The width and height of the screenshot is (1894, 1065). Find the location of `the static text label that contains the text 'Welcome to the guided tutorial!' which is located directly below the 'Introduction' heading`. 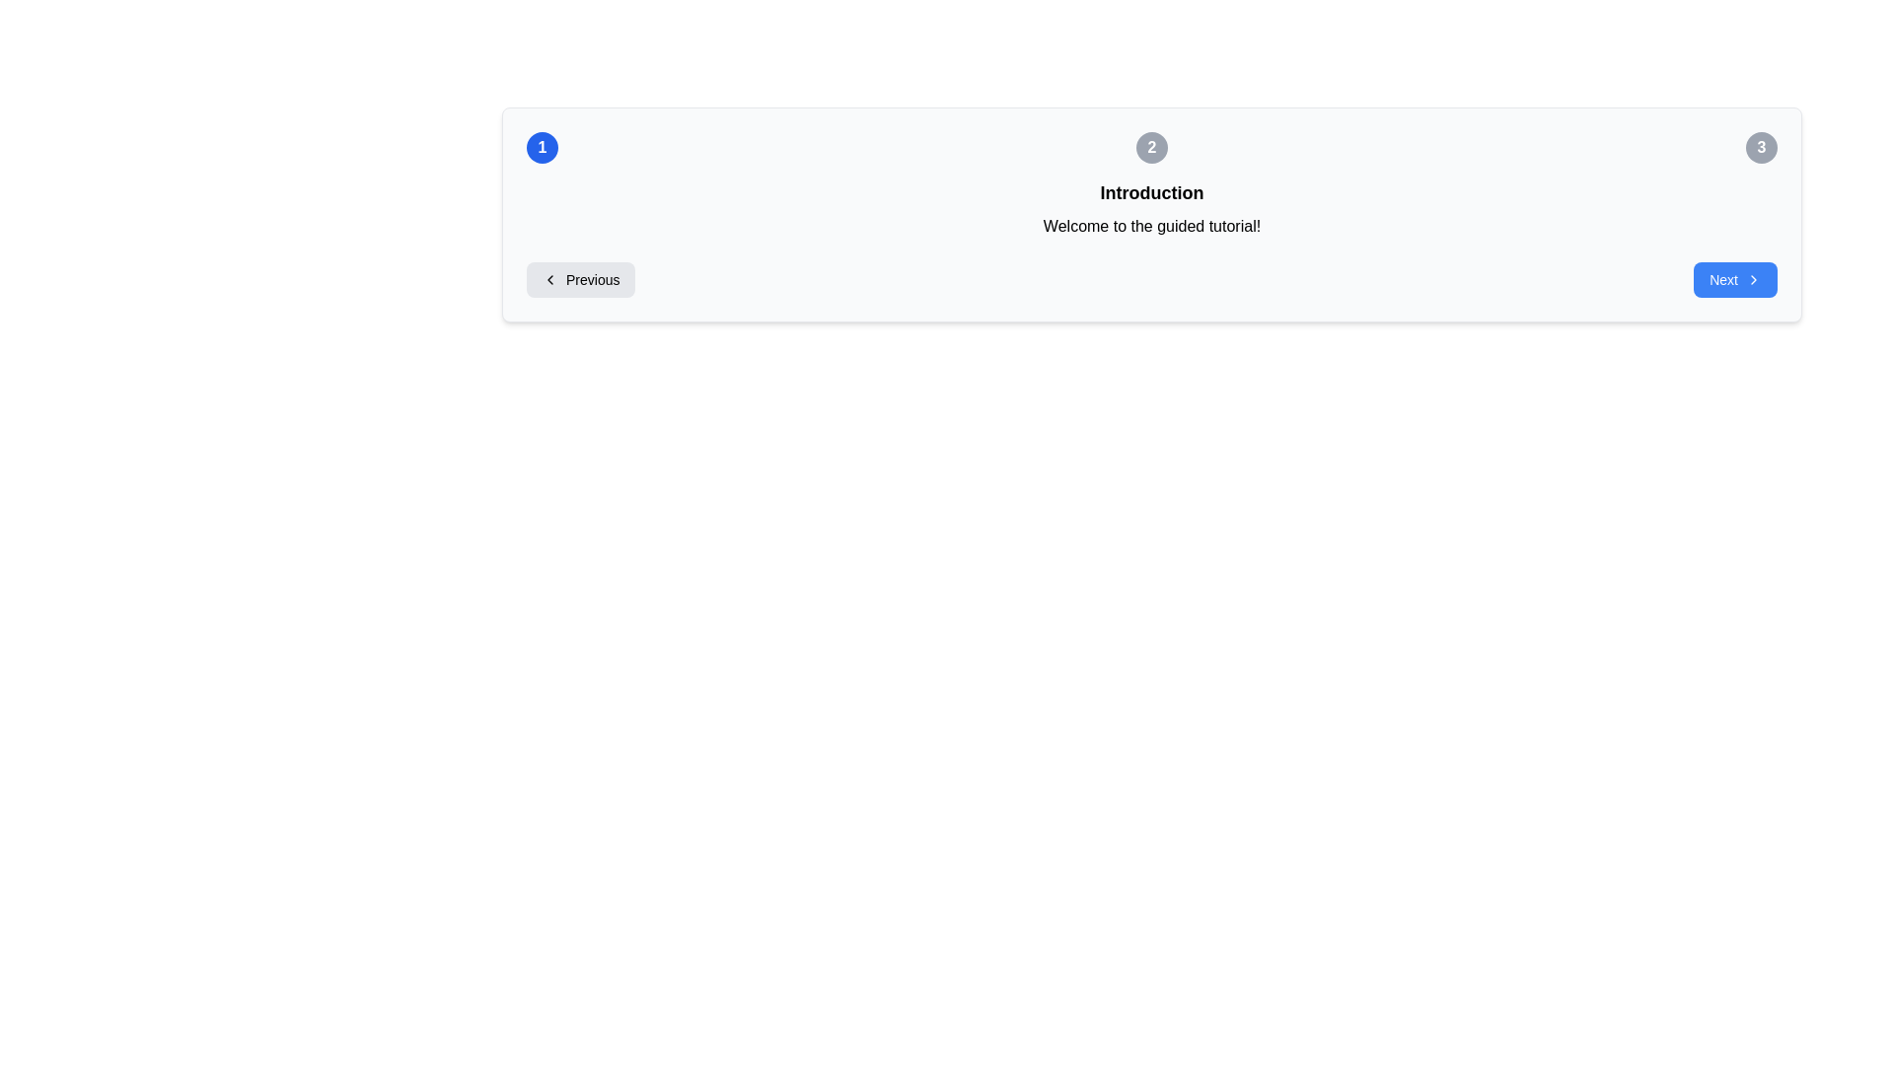

the static text label that contains the text 'Welcome to the guided tutorial!' which is located directly below the 'Introduction' heading is located at coordinates (1151, 226).